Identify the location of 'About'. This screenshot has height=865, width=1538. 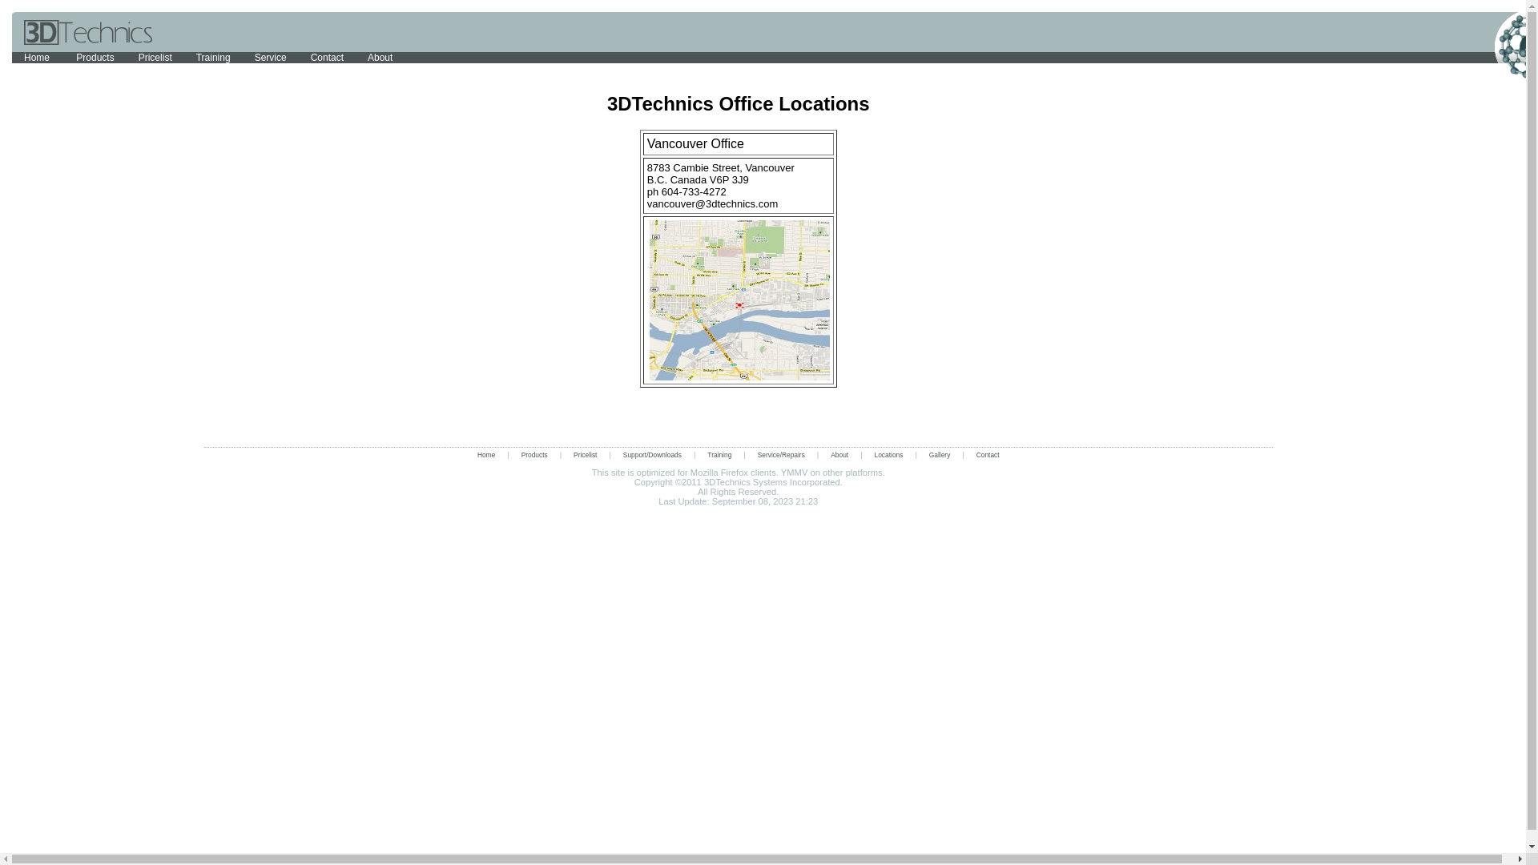
(838, 454).